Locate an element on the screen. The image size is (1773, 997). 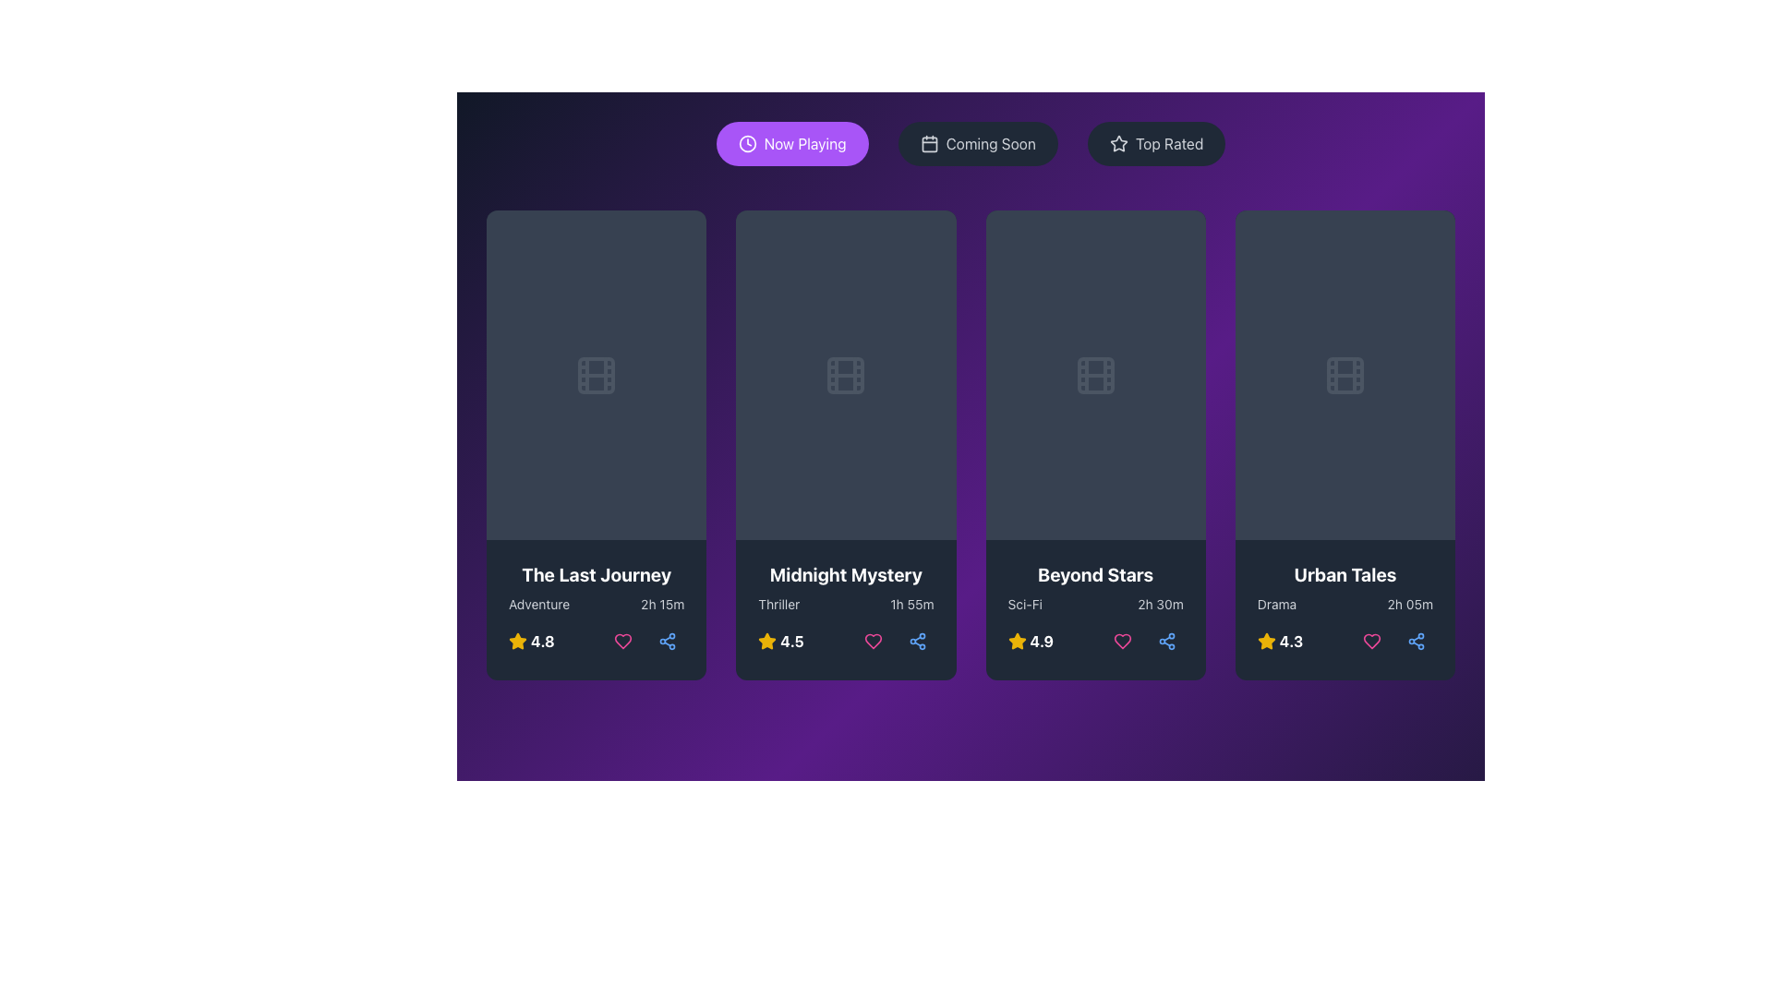
the 'Top Rated' button icon is located at coordinates (1117, 142).